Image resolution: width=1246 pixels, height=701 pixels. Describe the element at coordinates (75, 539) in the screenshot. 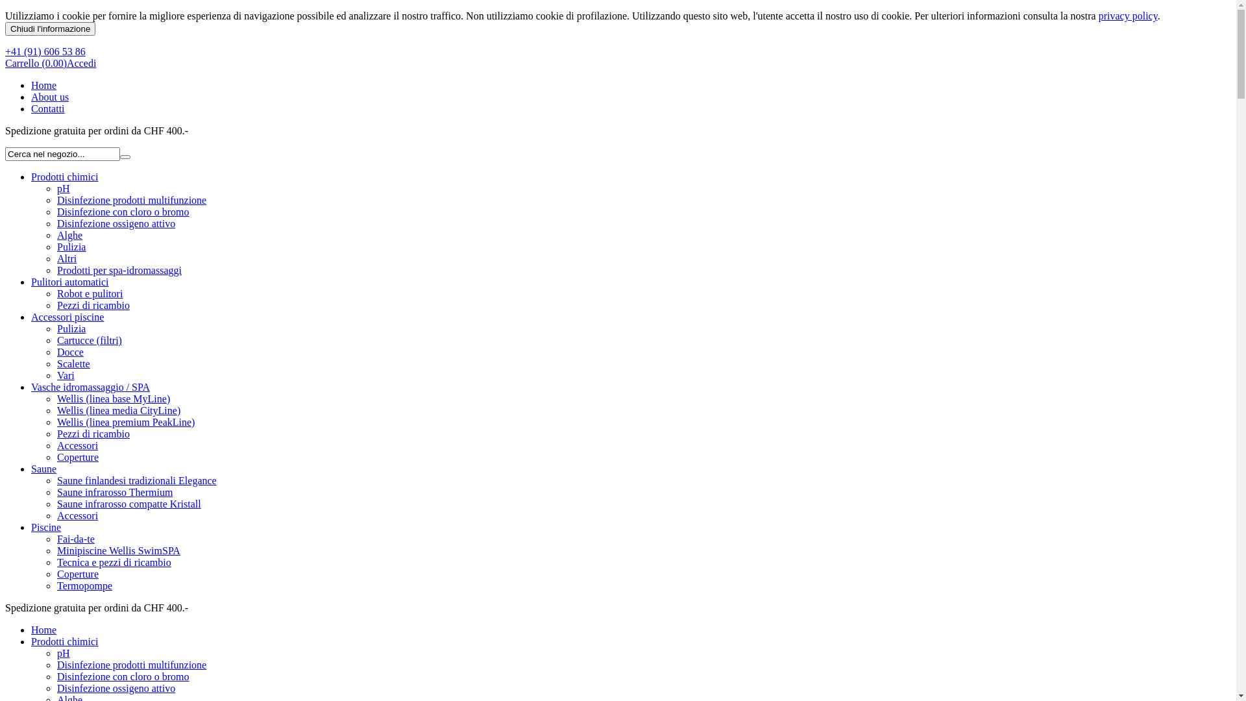

I see `'Fai-da-te'` at that location.